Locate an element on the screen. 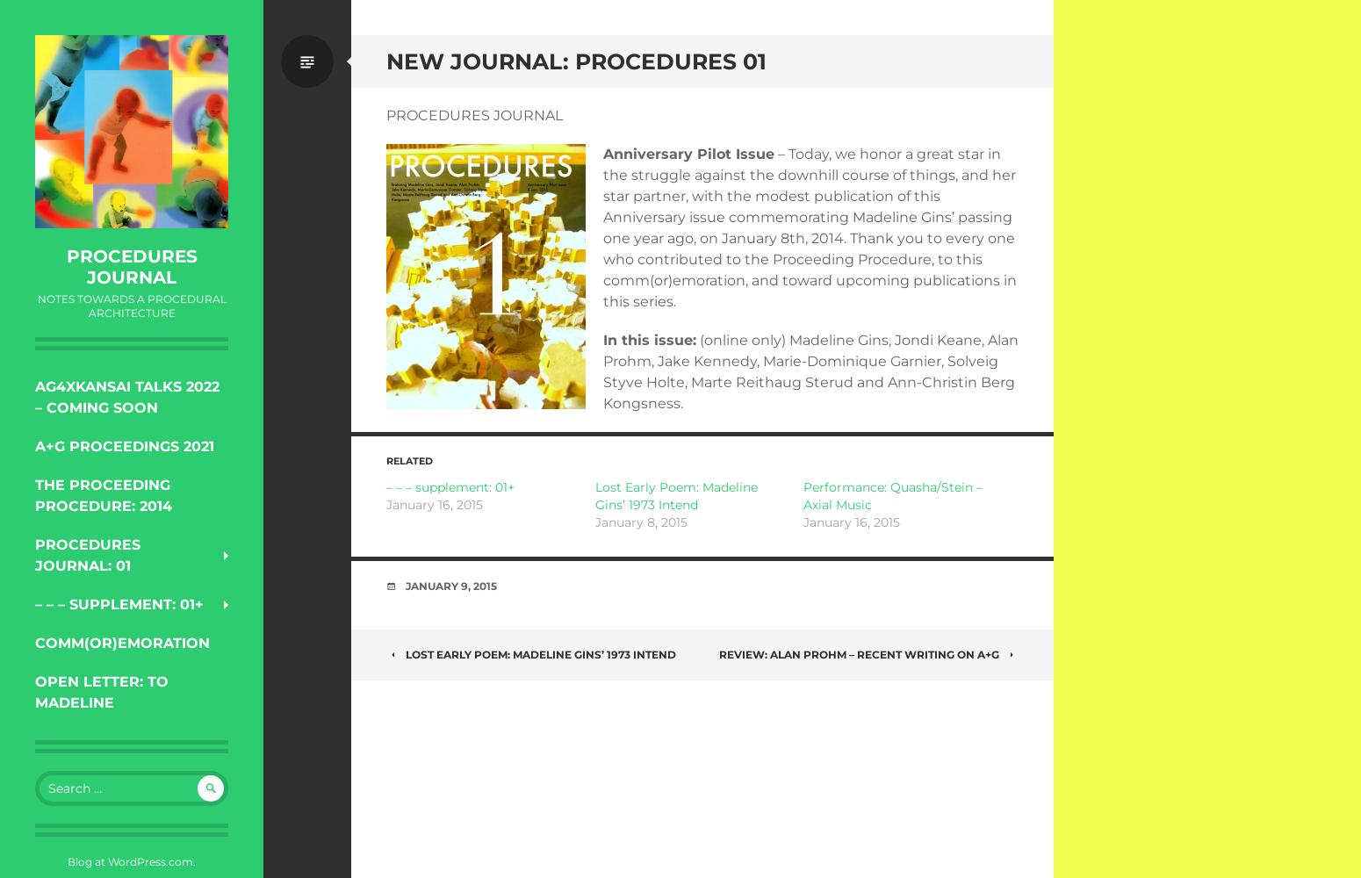  'COMM(OR)EMORATION' is located at coordinates (122, 642).